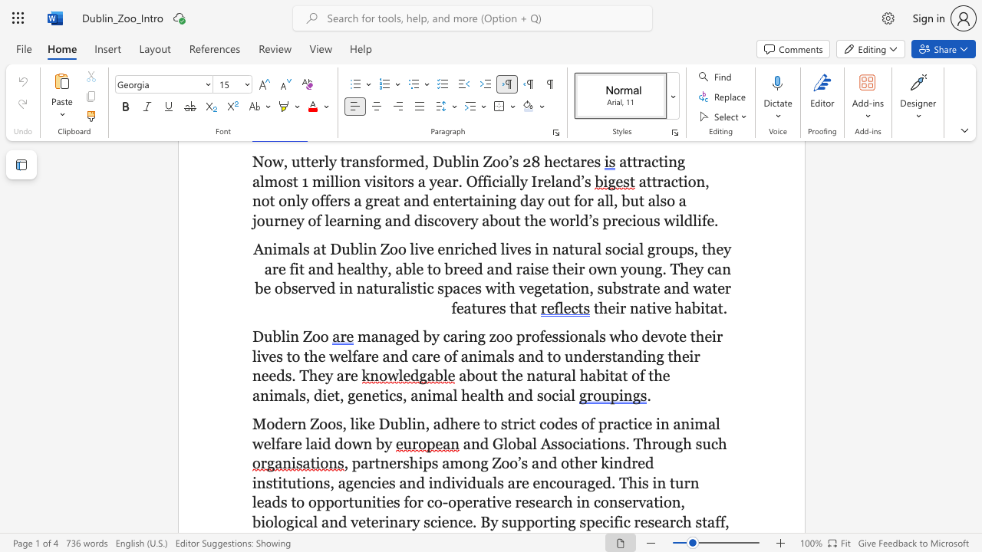 This screenshot has width=982, height=552. What do you see at coordinates (604, 356) in the screenshot?
I see `the subset text "standin" within the text "managed by caring zoo professionals who devote their lives to the welfare and care of animals and to understanding their needs. They are"` at bounding box center [604, 356].